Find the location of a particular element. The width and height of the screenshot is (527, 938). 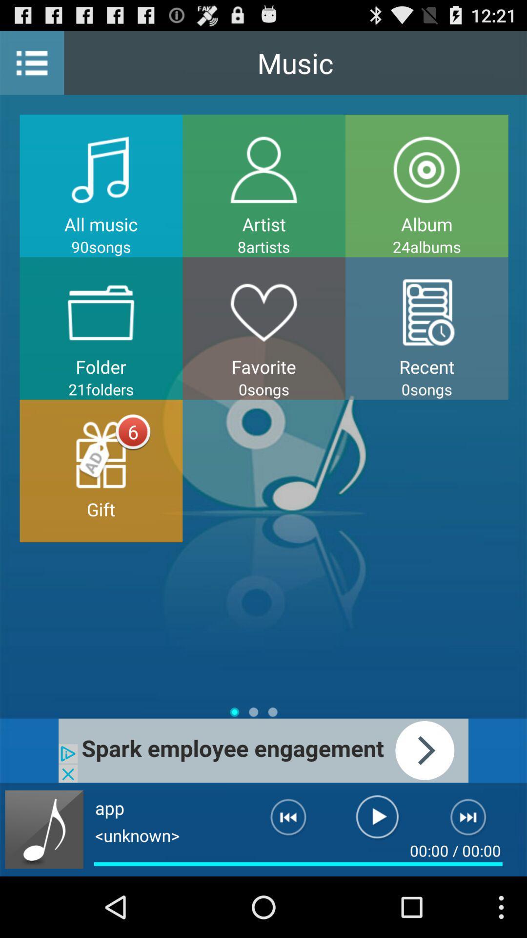

play is located at coordinates (377, 821).